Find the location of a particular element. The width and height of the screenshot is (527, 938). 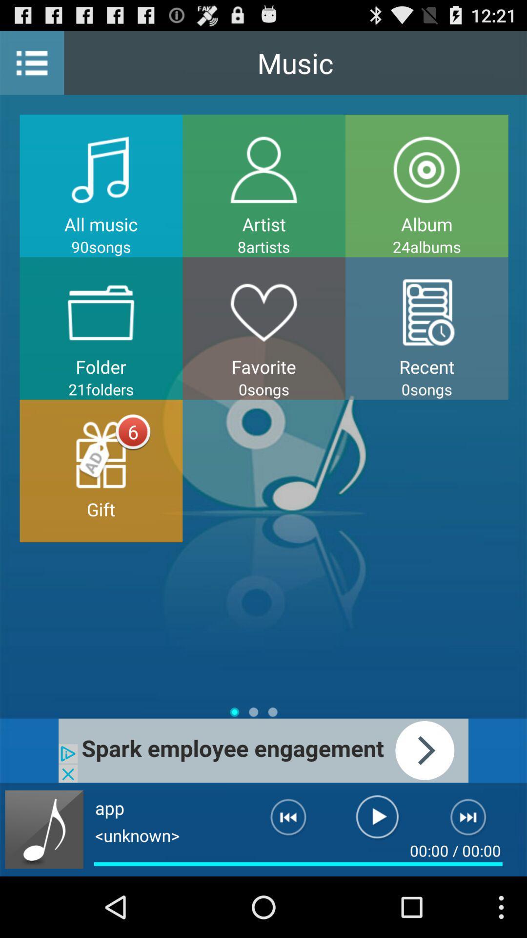

play is located at coordinates (377, 821).